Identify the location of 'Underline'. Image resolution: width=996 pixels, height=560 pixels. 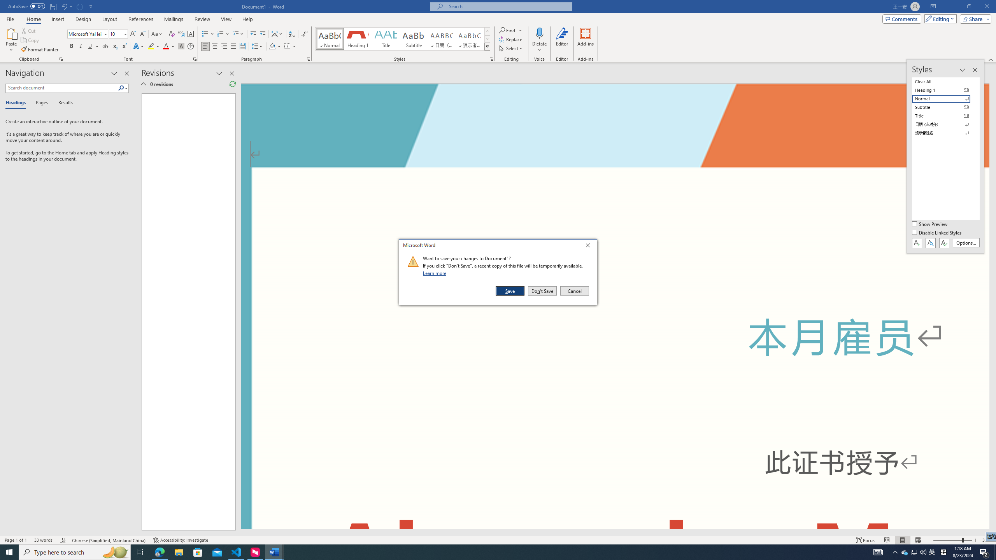
(90, 46).